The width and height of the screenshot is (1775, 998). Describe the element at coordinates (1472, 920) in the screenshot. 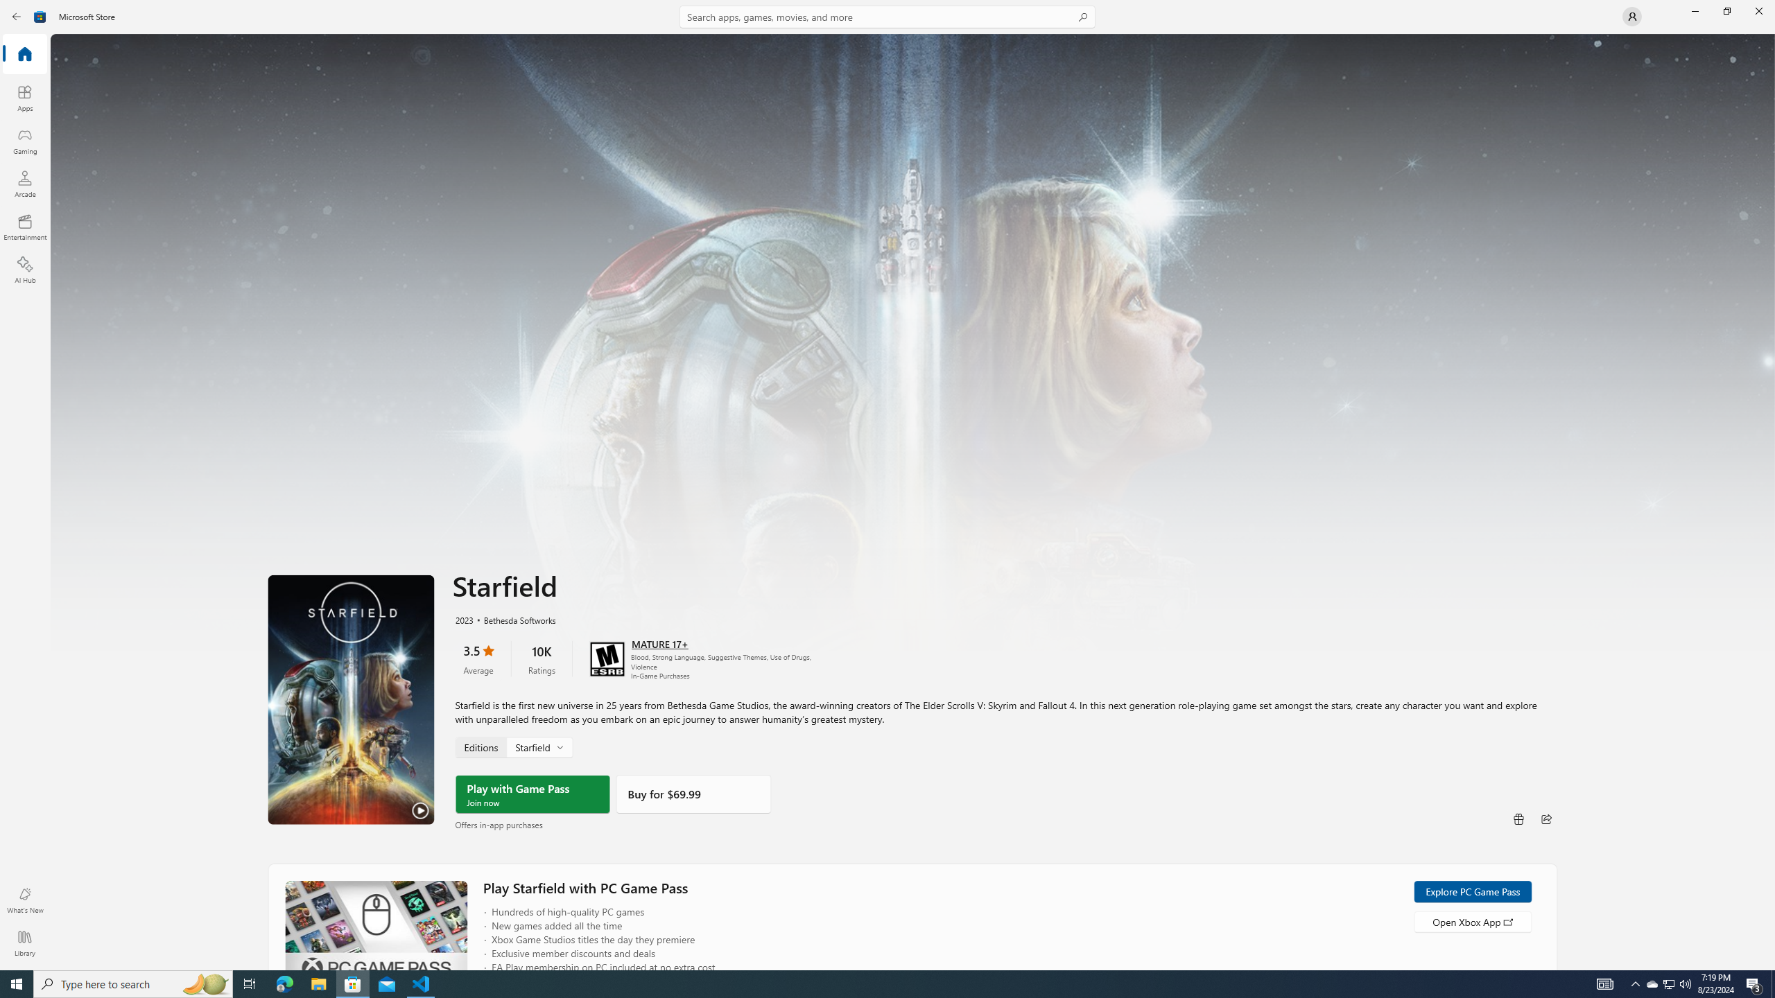

I see `'Open Xbox App'` at that location.